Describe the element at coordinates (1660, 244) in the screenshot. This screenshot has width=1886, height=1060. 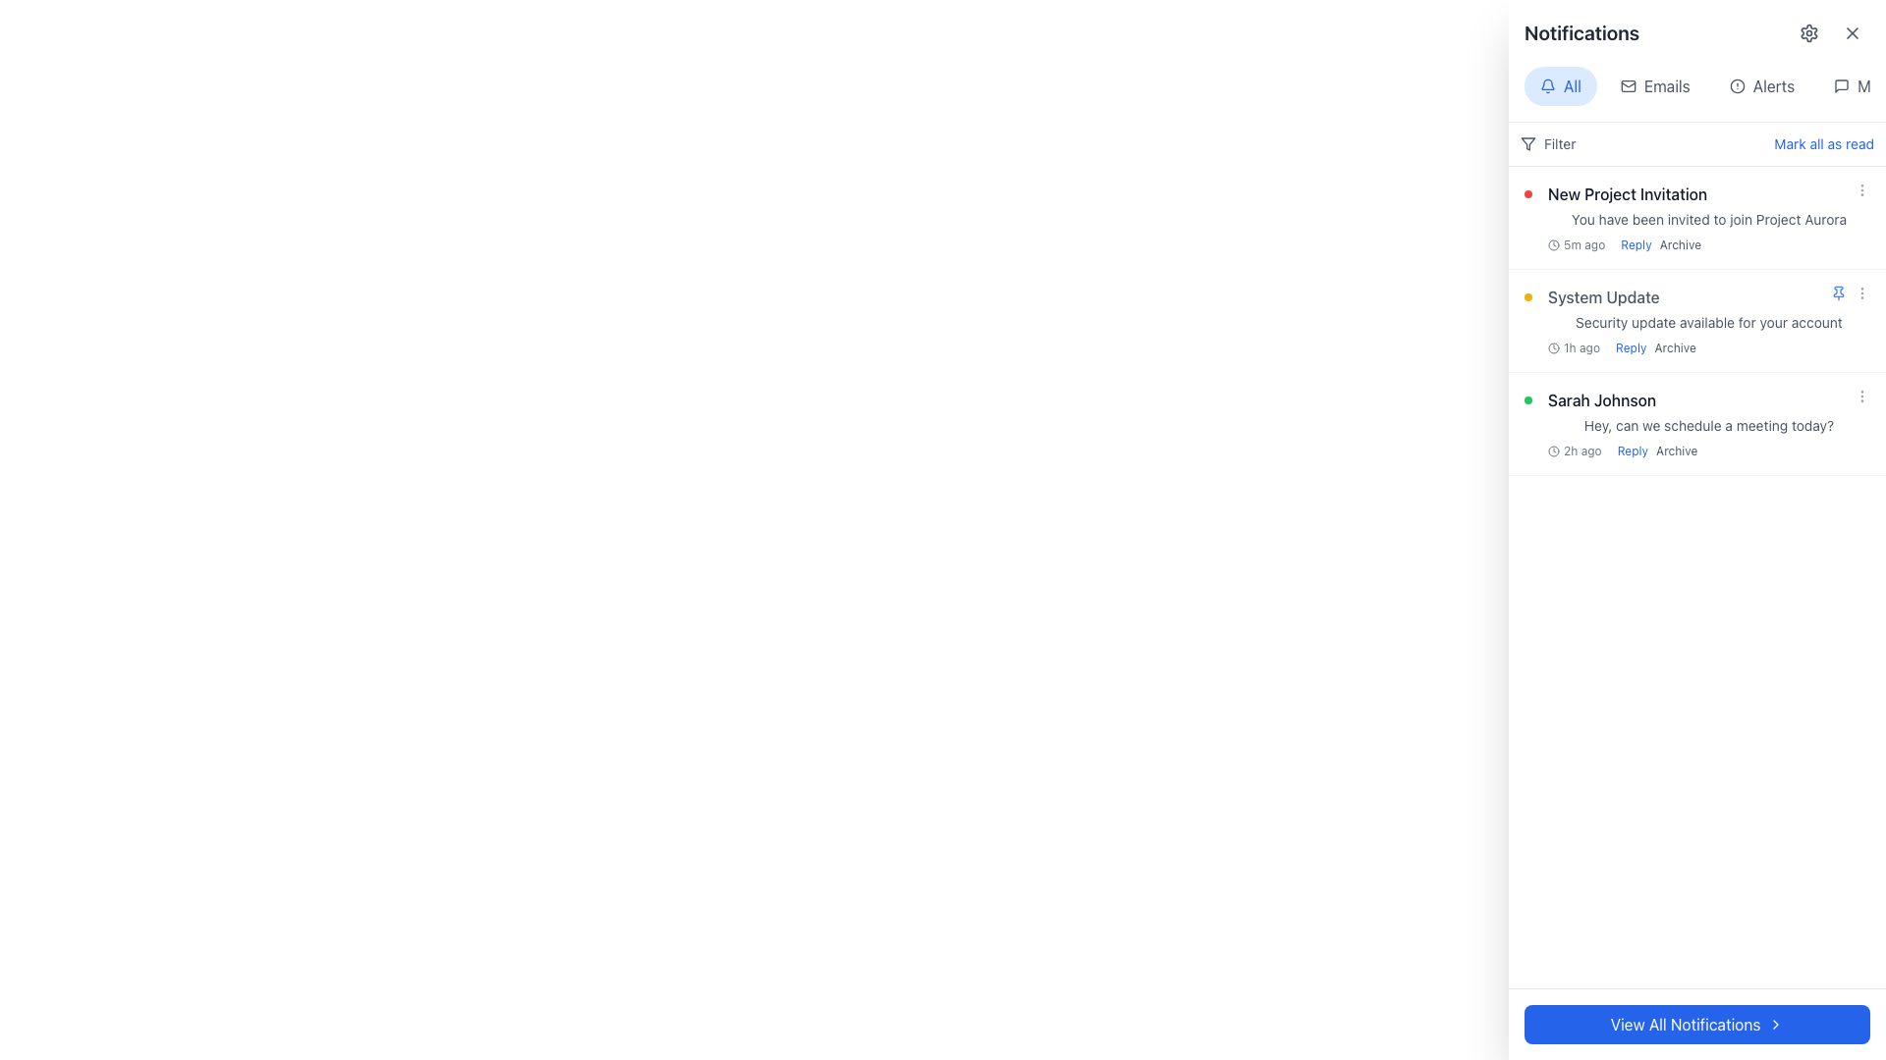
I see `the 'Archive' link, which is styled in gray and located in the notification list below the title 'New Project Invitation'` at that location.